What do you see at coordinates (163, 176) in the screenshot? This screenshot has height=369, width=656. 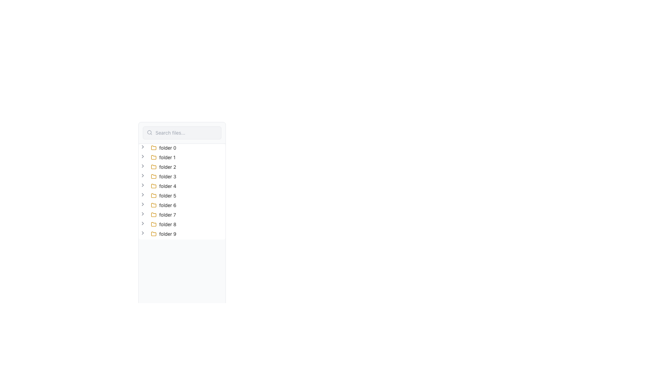 I see `the fourth folder item` at bounding box center [163, 176].